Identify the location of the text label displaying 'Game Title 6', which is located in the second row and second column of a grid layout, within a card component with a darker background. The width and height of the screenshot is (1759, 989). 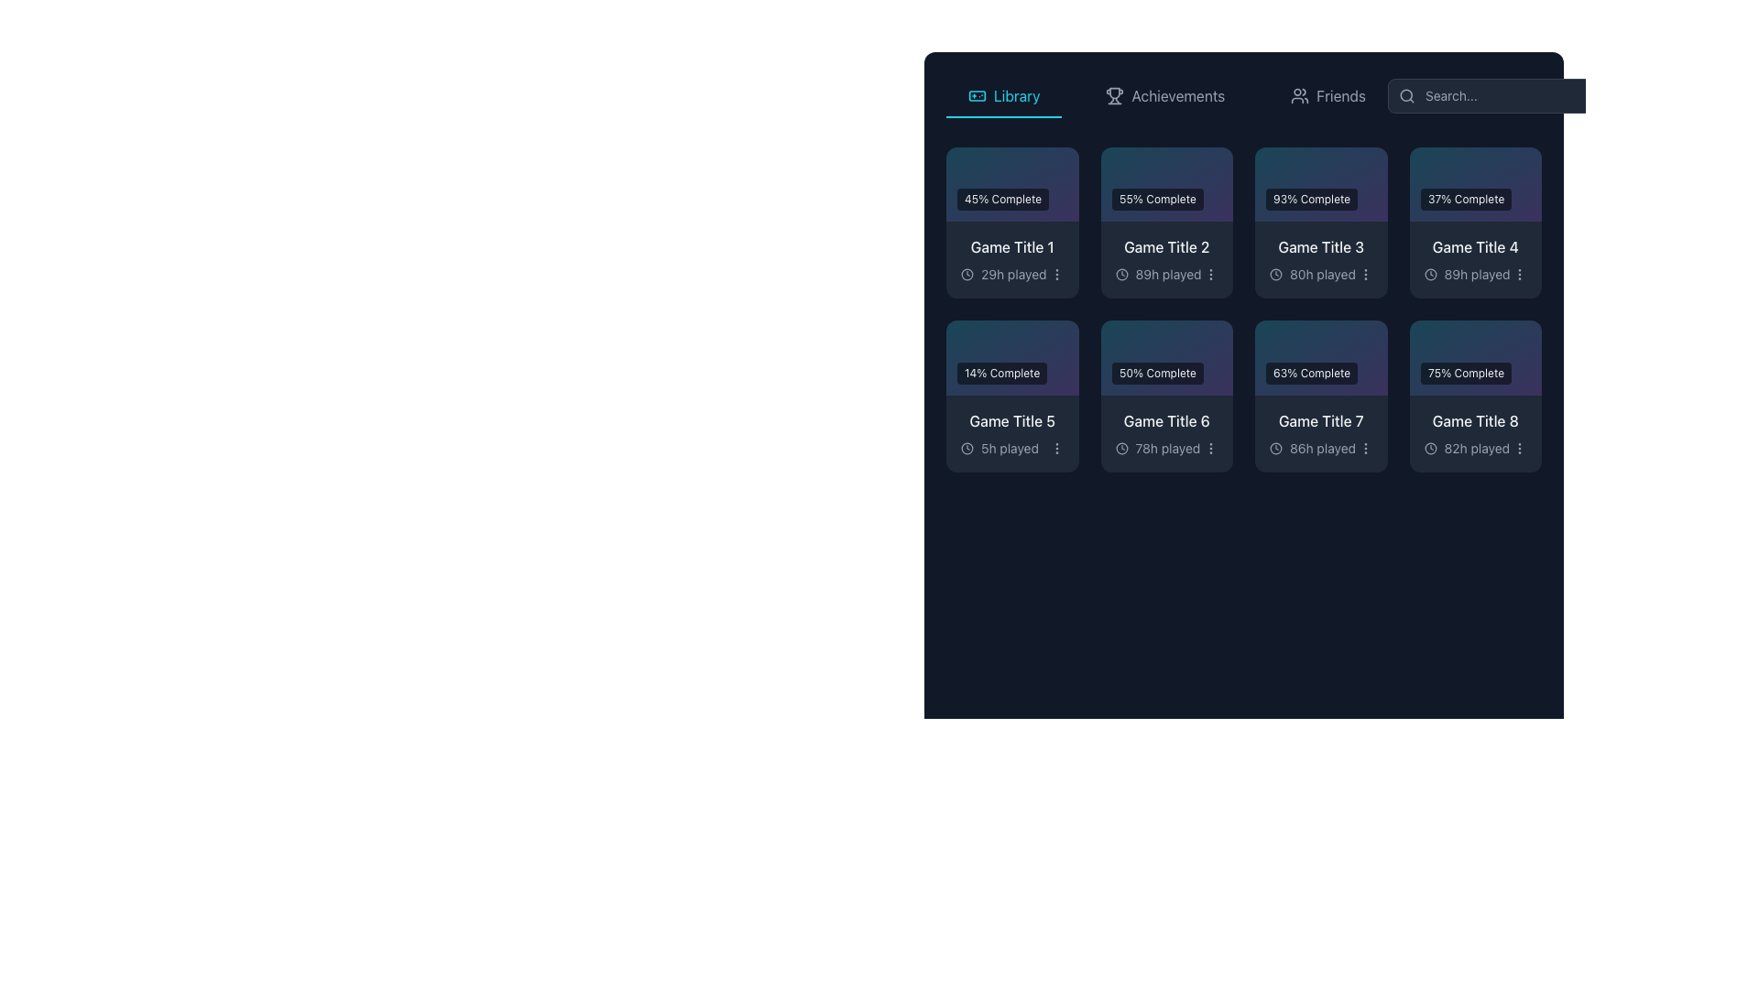
(1165, 420).